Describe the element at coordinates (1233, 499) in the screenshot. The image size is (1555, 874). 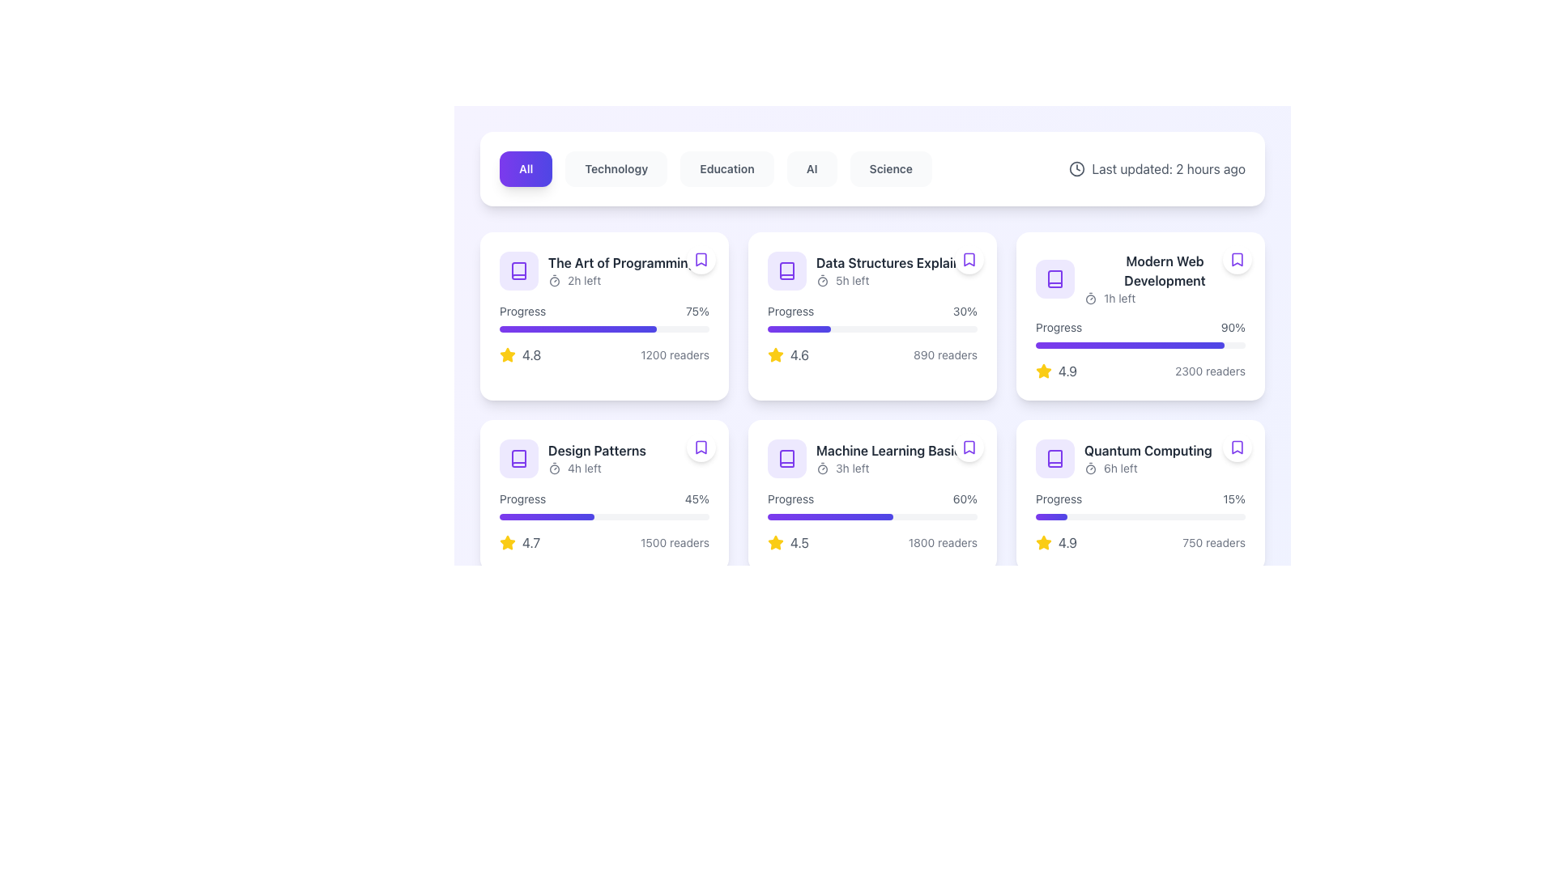
I see `the label displaying '15%' styled in a small gray font, which is positioned to the right of the 'Progress' label in the 'Quantum Computing' section` at that location.